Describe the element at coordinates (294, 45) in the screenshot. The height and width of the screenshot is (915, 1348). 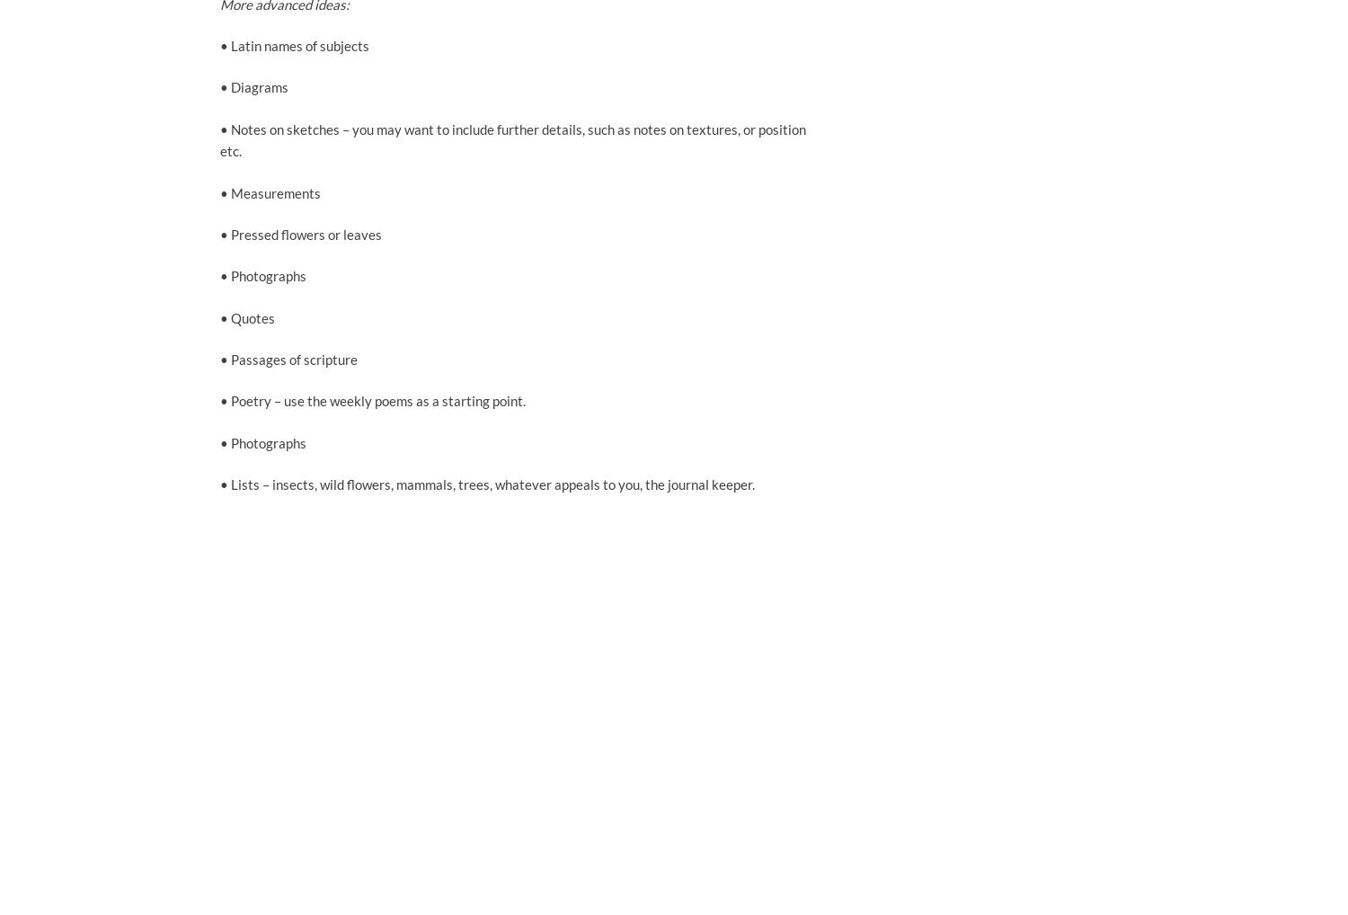
I see `'• Latin names of subjects'` at that location.